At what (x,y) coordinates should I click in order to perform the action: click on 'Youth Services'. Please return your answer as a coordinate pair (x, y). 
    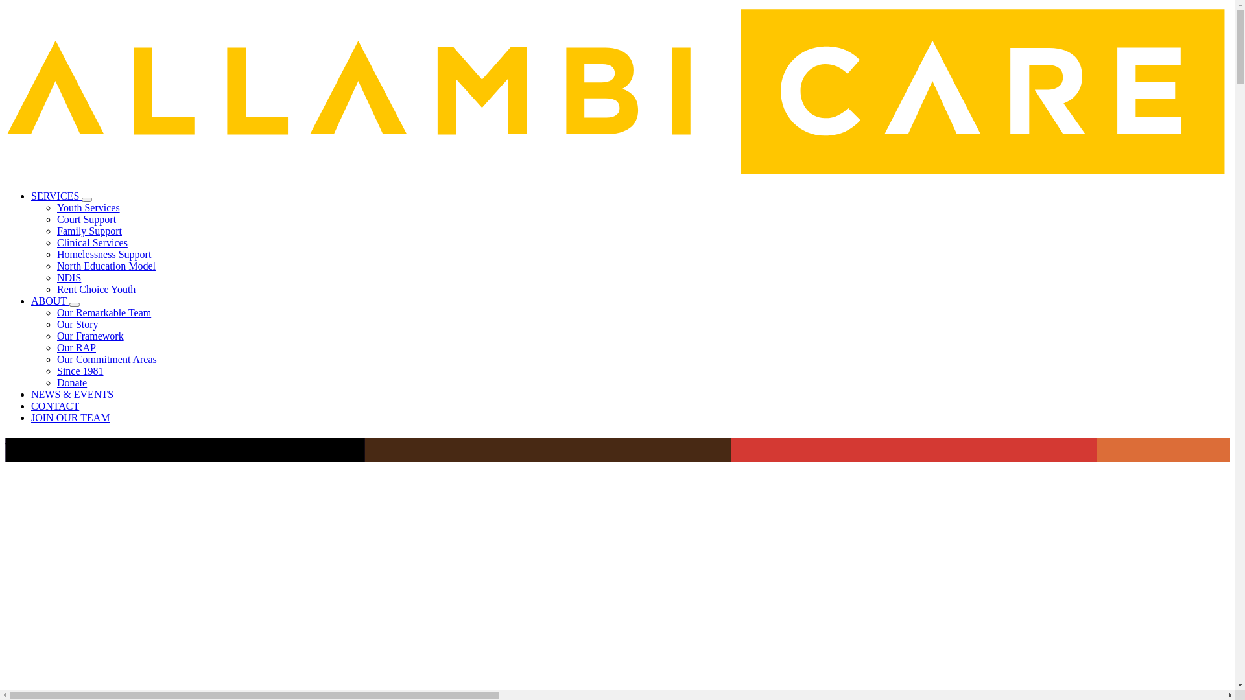
    Looking at the image, I should click on (88, 207).